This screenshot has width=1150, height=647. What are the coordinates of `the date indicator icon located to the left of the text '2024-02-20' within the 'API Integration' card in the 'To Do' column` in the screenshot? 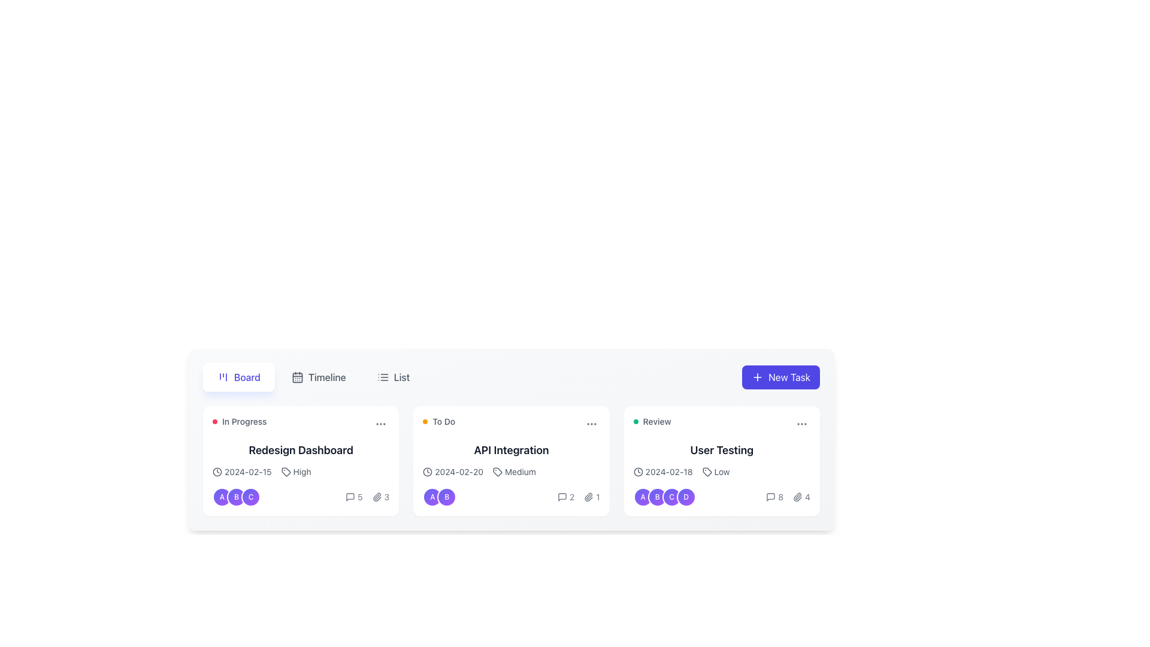 It's located at (428, 471).